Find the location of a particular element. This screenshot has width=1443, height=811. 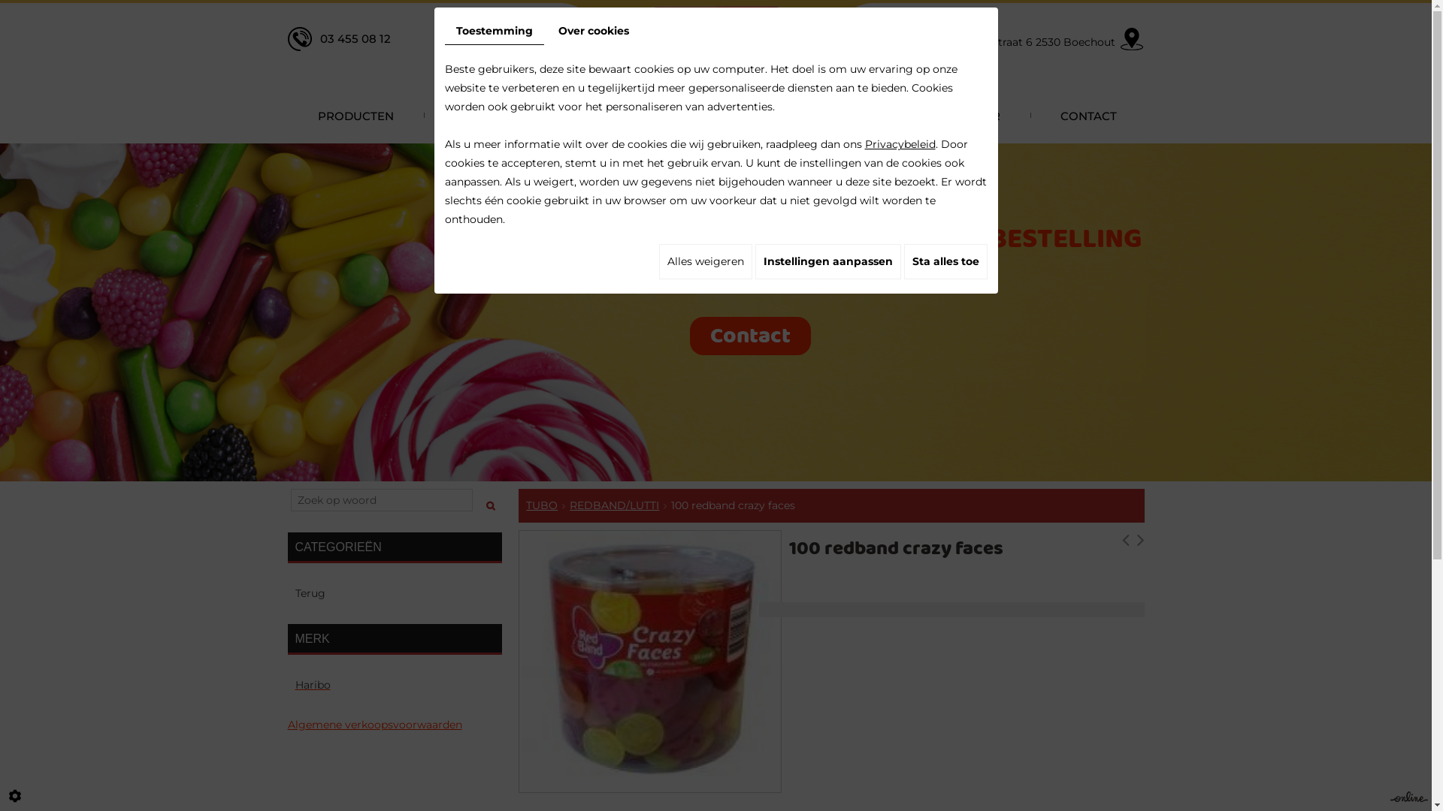

'MERK' is located at coordinates (394, 639).